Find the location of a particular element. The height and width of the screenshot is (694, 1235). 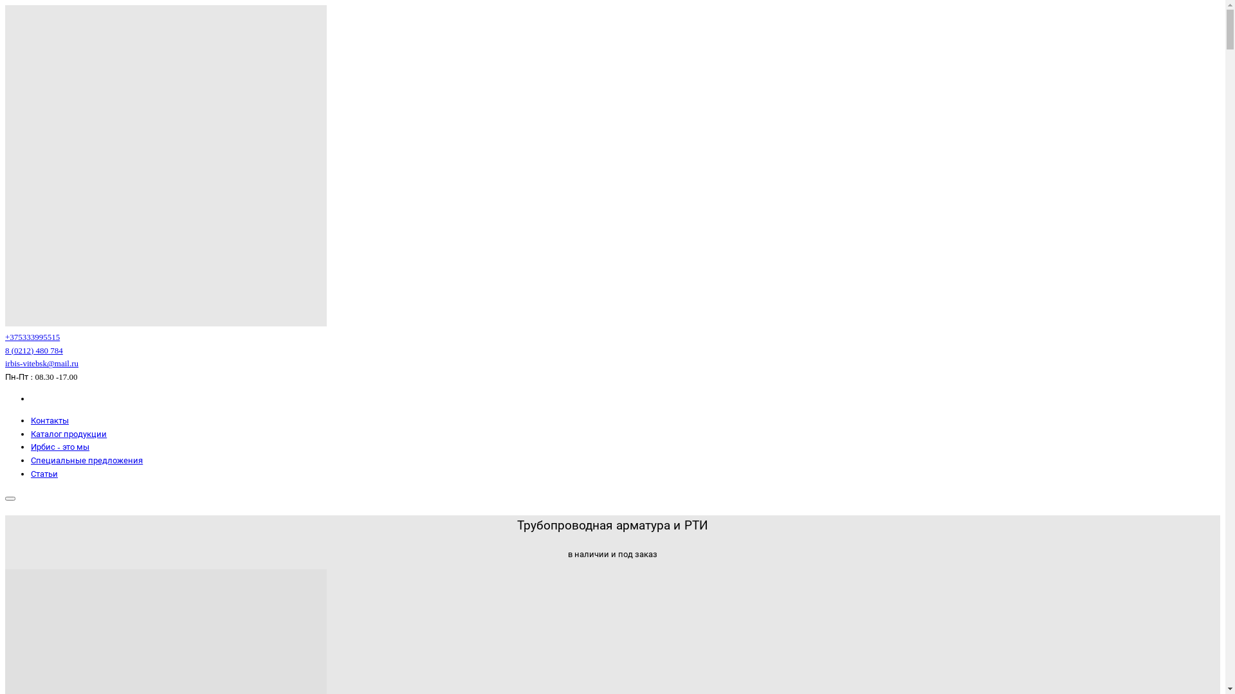

'8 (0212) 480 784' is located at coordinates (5, 350).